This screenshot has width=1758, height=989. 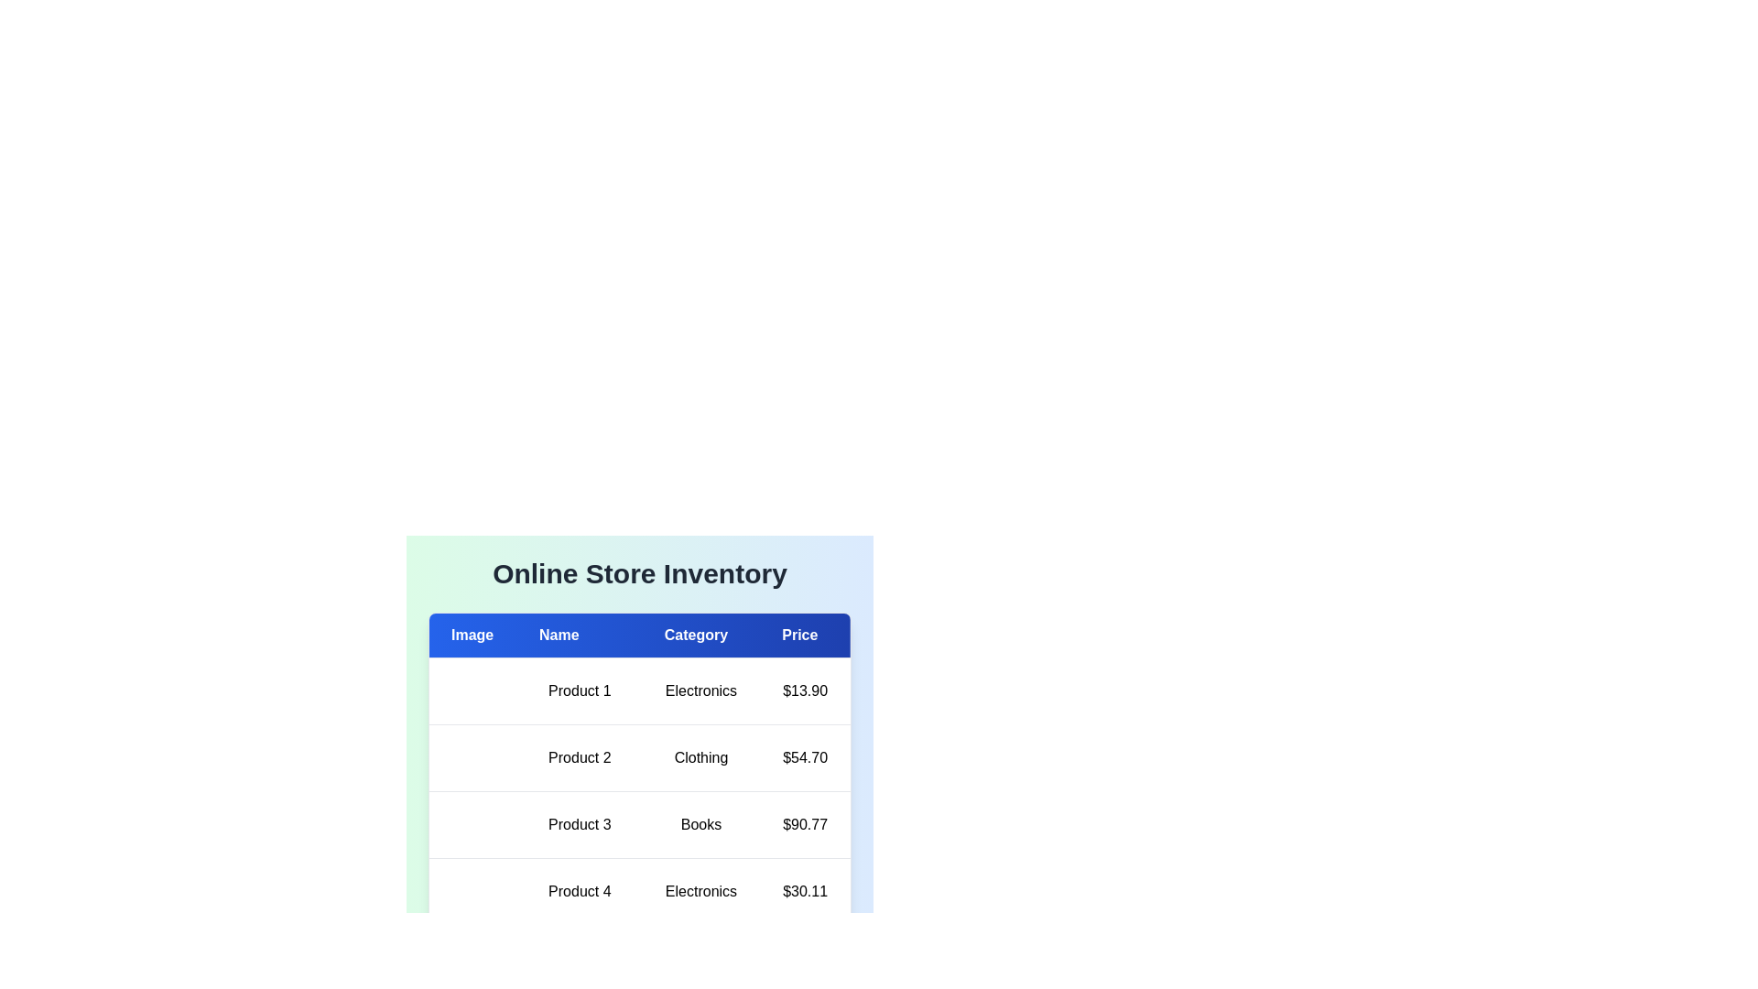 What do you see at coordinates (640, 758) in the screenshot?
I see `the row of the product with name Product 2` at bounding box center [640, 758].